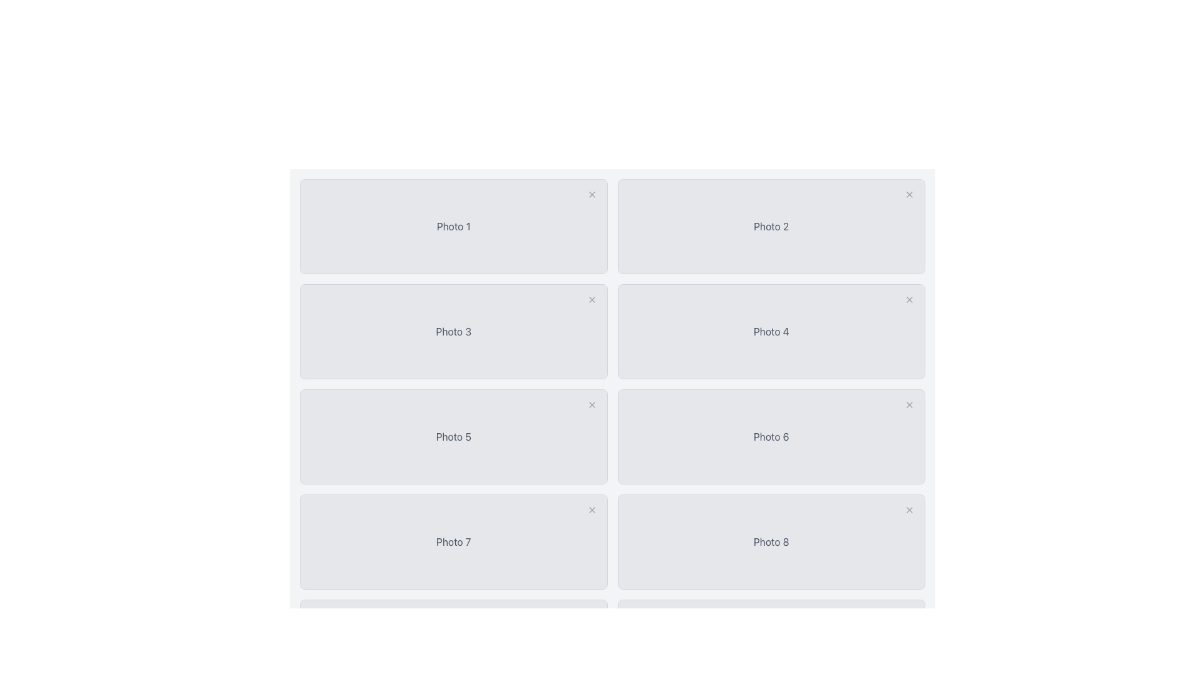 This screenshot has width=1202, height=676. I want to click on the close or delete button for the 'Photo 7' item, so click(591, 510).